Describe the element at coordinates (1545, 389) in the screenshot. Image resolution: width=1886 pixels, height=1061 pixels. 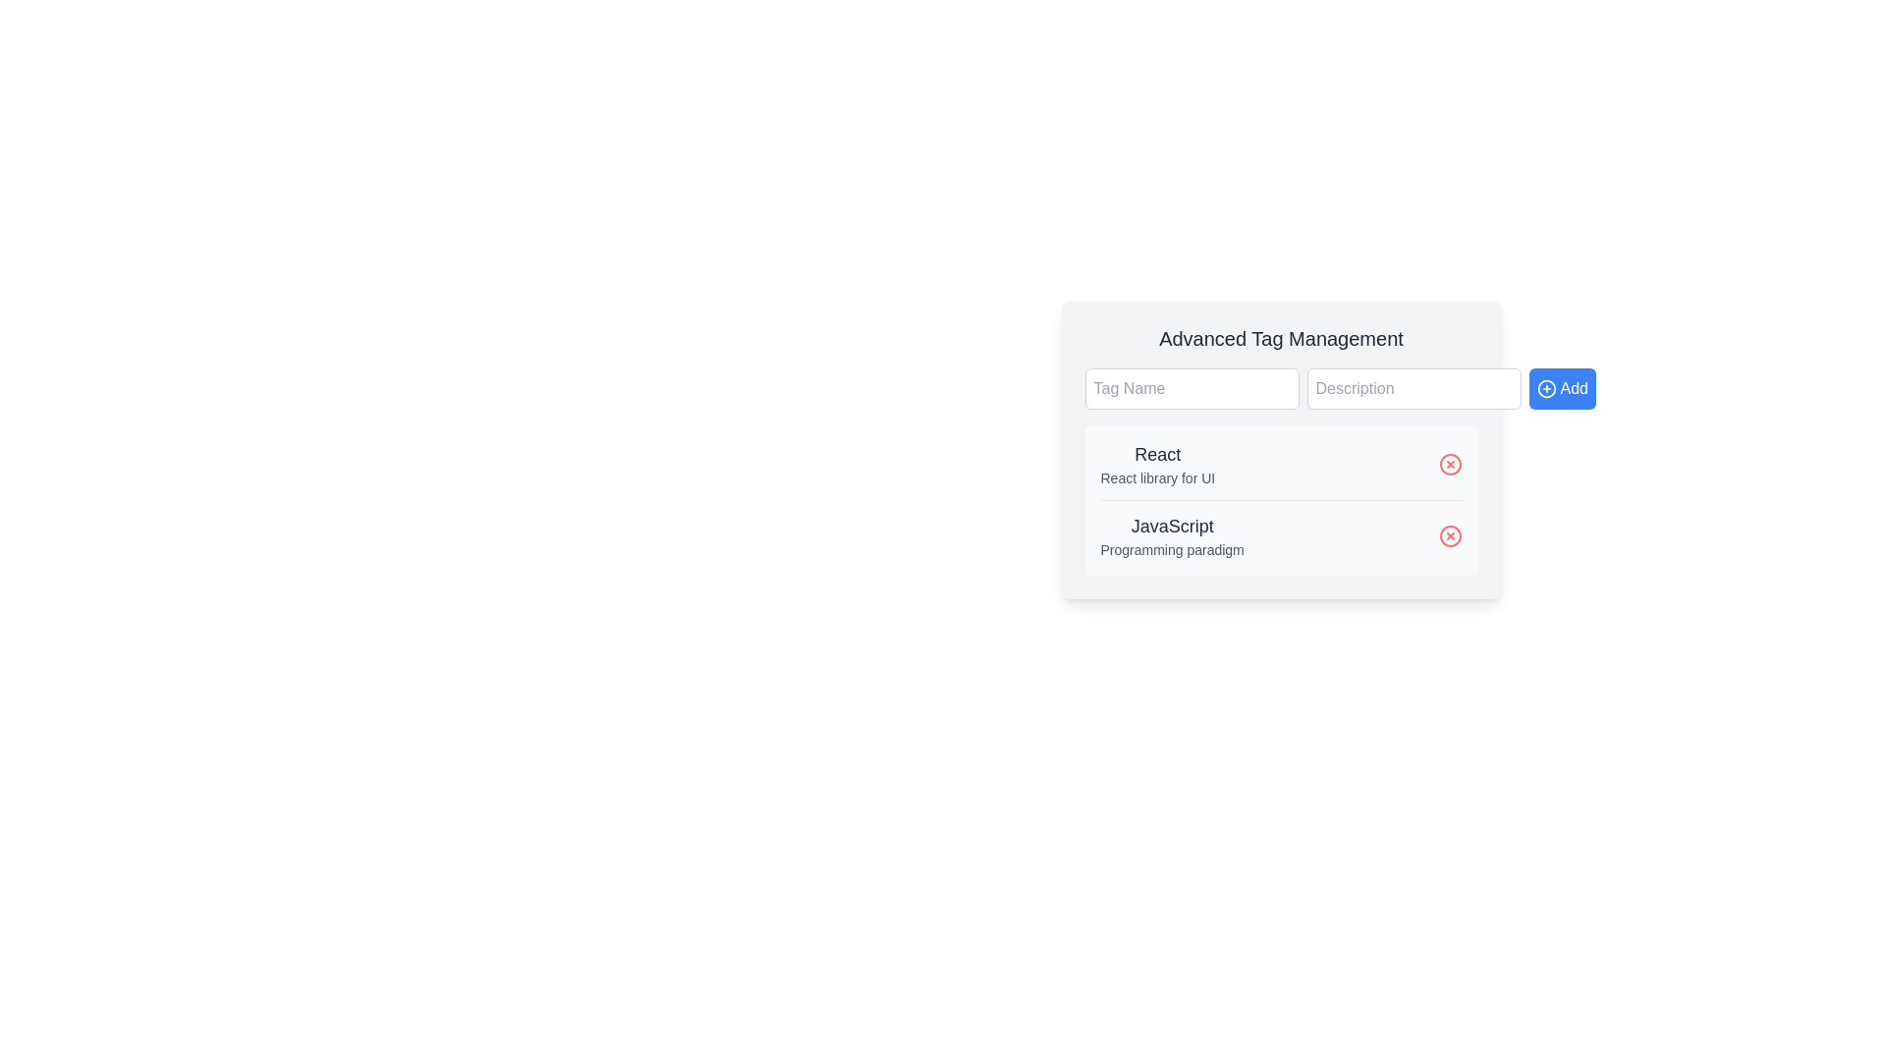
I see `the Icon Button located within the 'Add' button on the right edge of the 'Advanced Tag Management' interface panel` at that location.